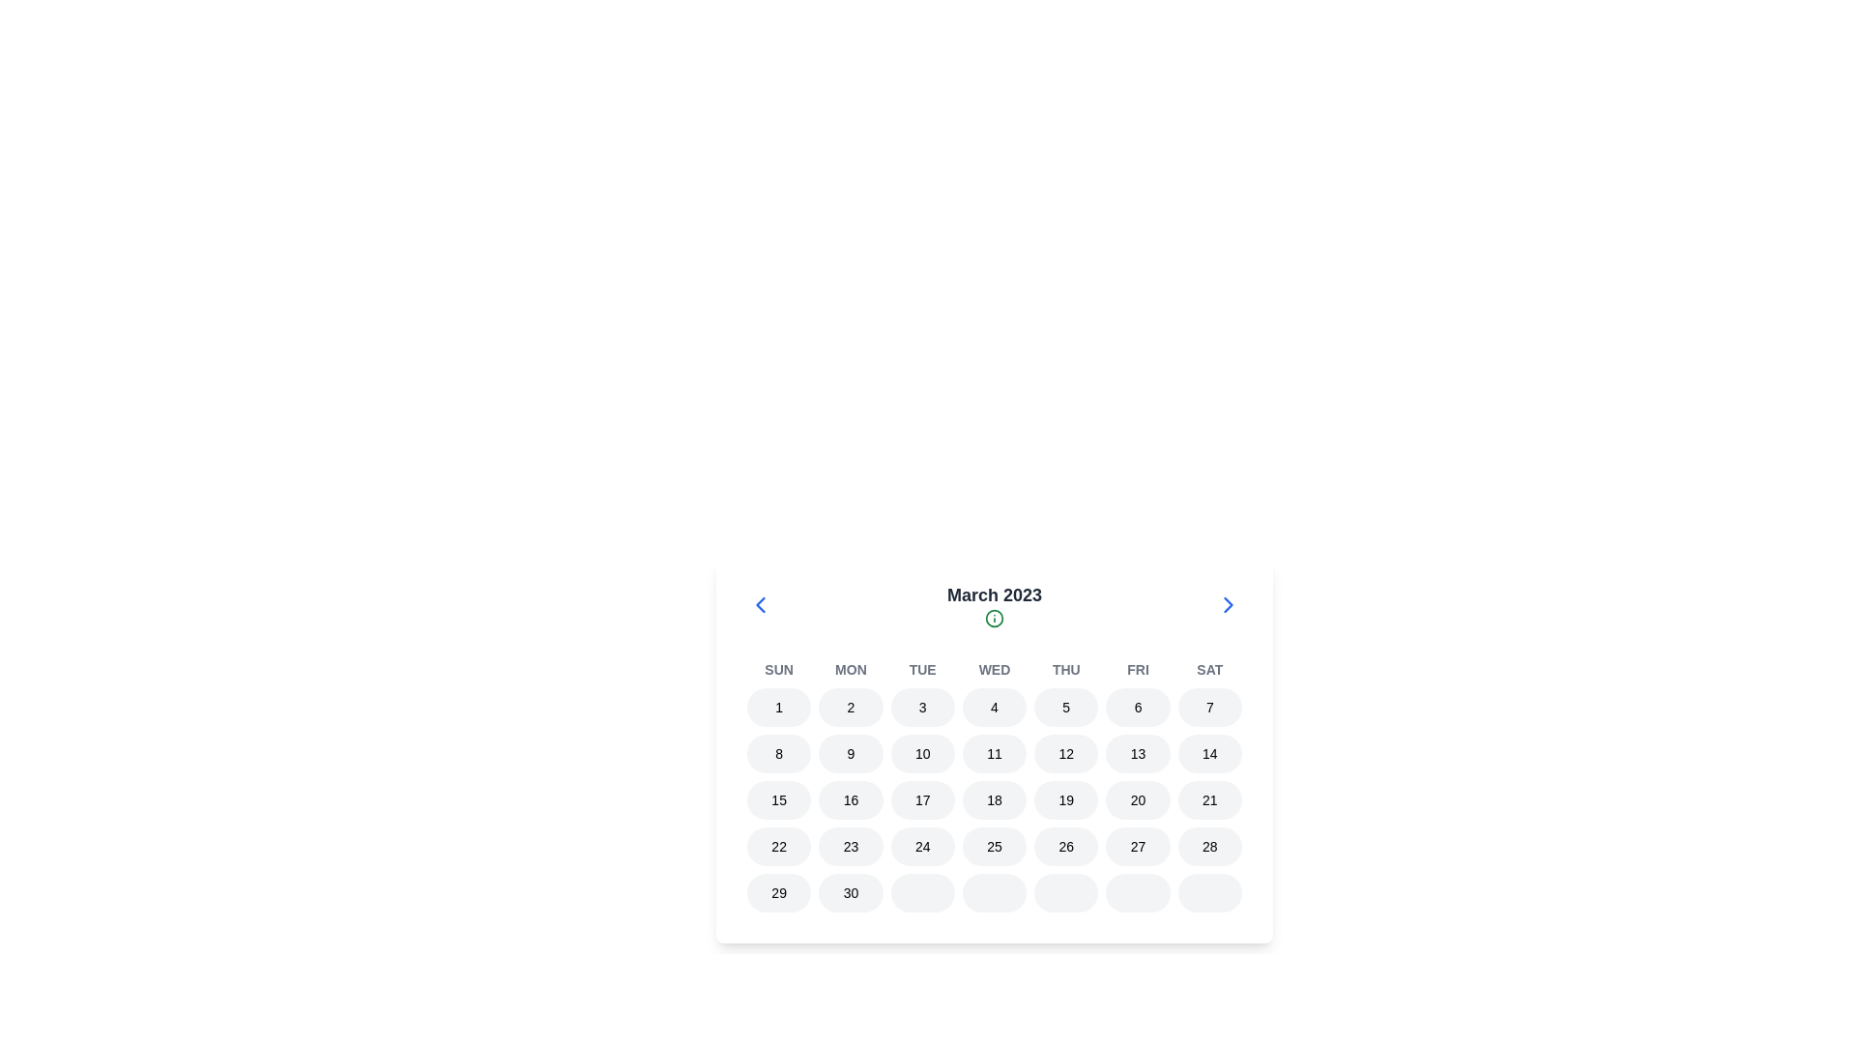 This screenshot has height=1044, width=1856. What do you see at coordinates (1138, 708) in the screenshot?
I see `the sixth button` at bounding box center [1138, 708].